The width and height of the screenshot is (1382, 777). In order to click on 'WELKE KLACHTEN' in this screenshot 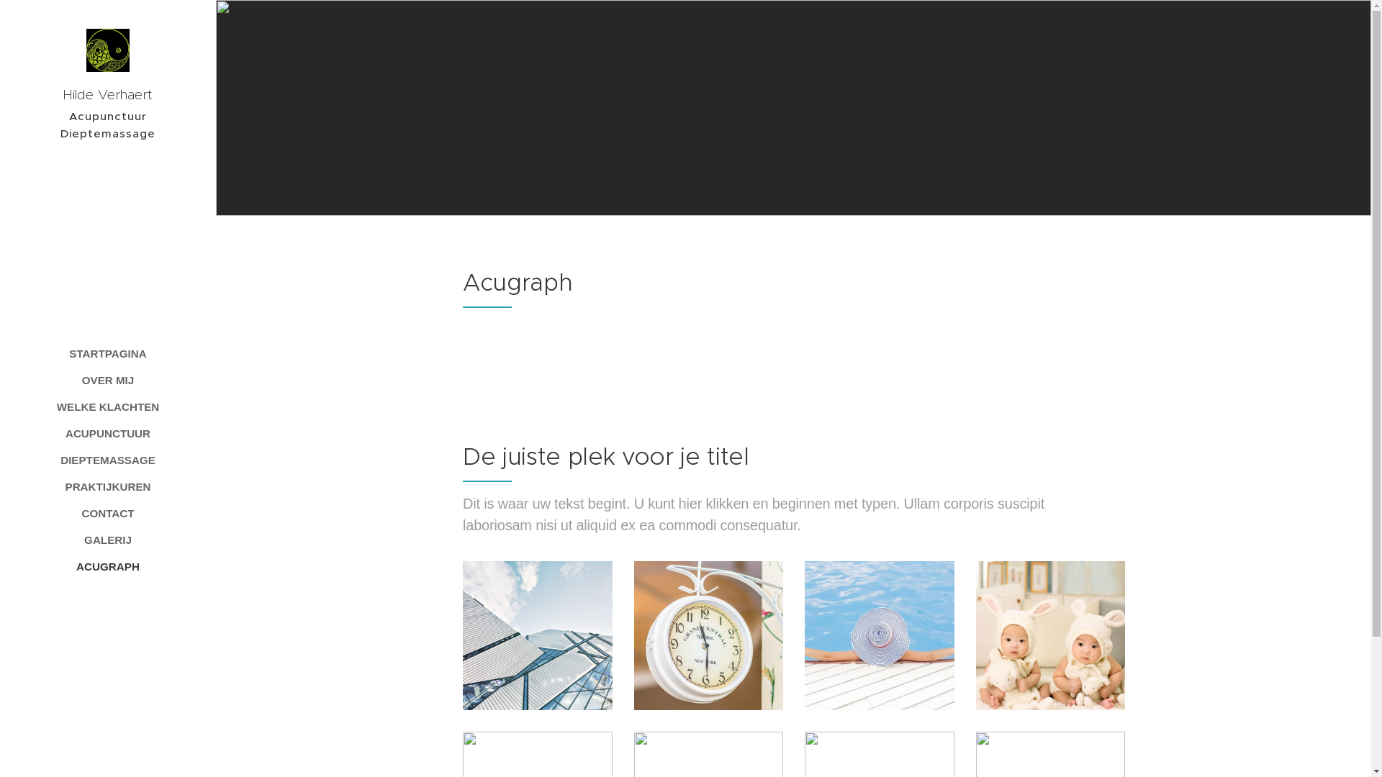, I will do `click(107, 406)`.